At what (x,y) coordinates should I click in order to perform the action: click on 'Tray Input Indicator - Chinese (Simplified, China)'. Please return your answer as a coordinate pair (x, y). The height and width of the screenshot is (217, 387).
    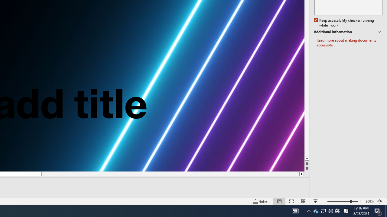
    Looking at the image, I should click on (337, 210).